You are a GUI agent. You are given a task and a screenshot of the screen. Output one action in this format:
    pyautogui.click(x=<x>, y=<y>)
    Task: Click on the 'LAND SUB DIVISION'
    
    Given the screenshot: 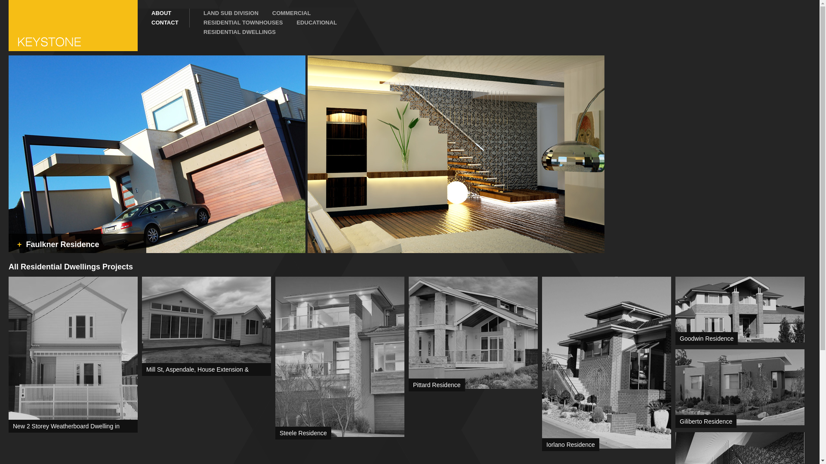 What is the action you would take?
    pyautogui.click(x=224, y=13)
    